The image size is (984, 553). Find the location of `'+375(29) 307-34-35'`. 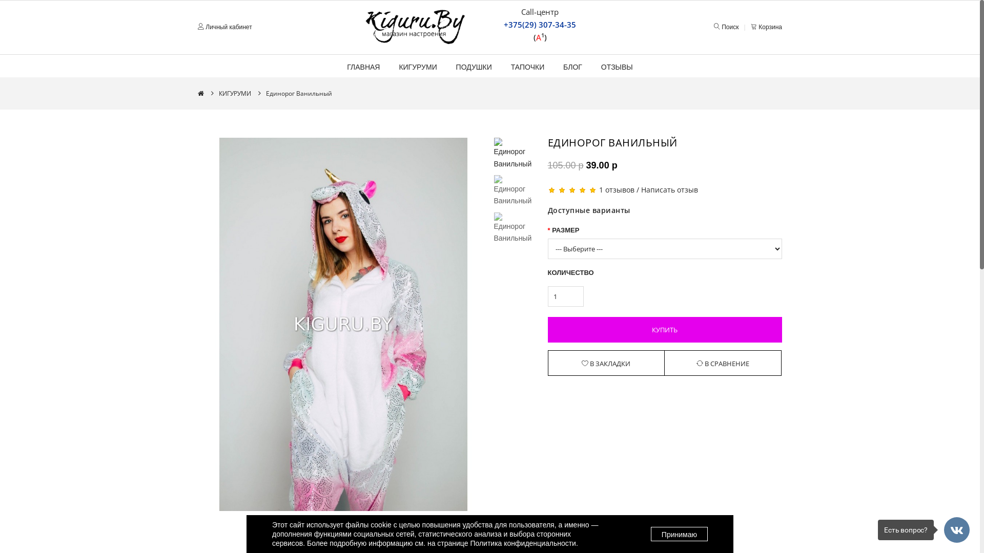

'+375(29) 307-34-35' is located at coordinates (539, 24).